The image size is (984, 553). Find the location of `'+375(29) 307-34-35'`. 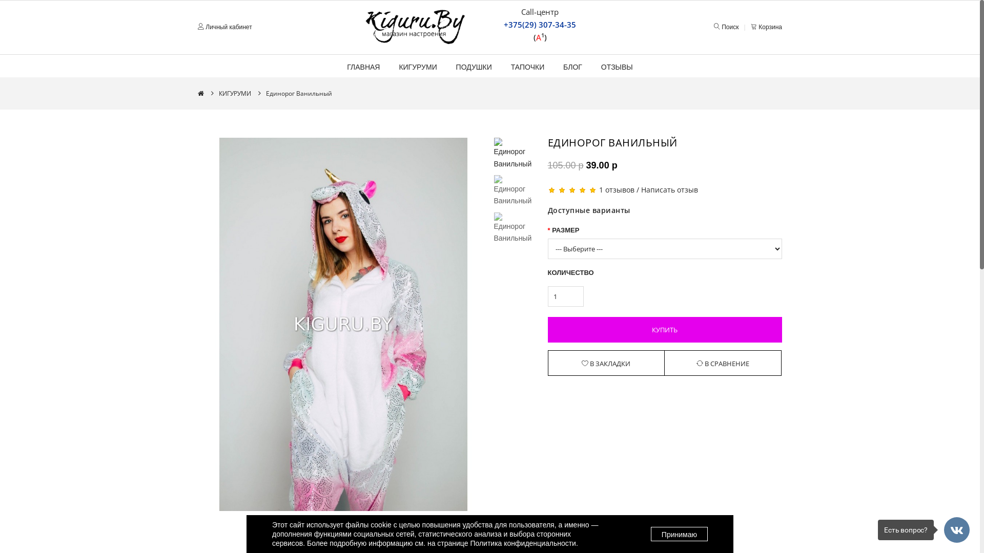

'+375(29) 307-34-35' is located at coordinates (539, 24).